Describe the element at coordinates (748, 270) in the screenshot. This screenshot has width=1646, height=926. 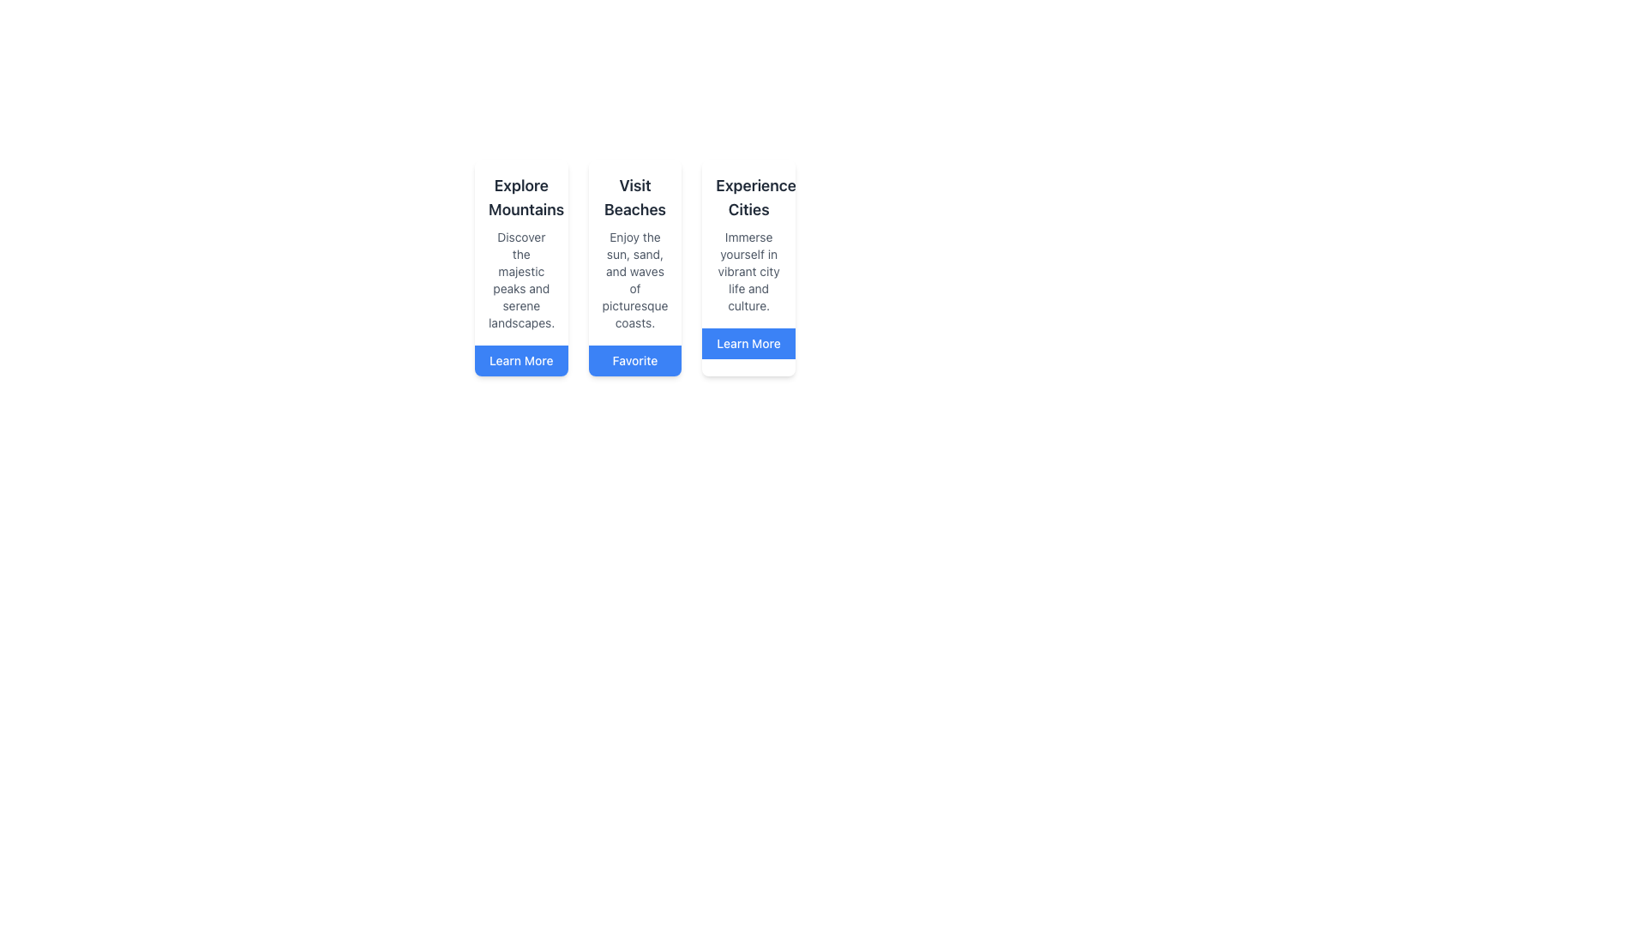
I see `the descriptive text block component located in the 'Experience Cities' section, which is positioned directly below the heading and above the 'Learn More' button` at that location.